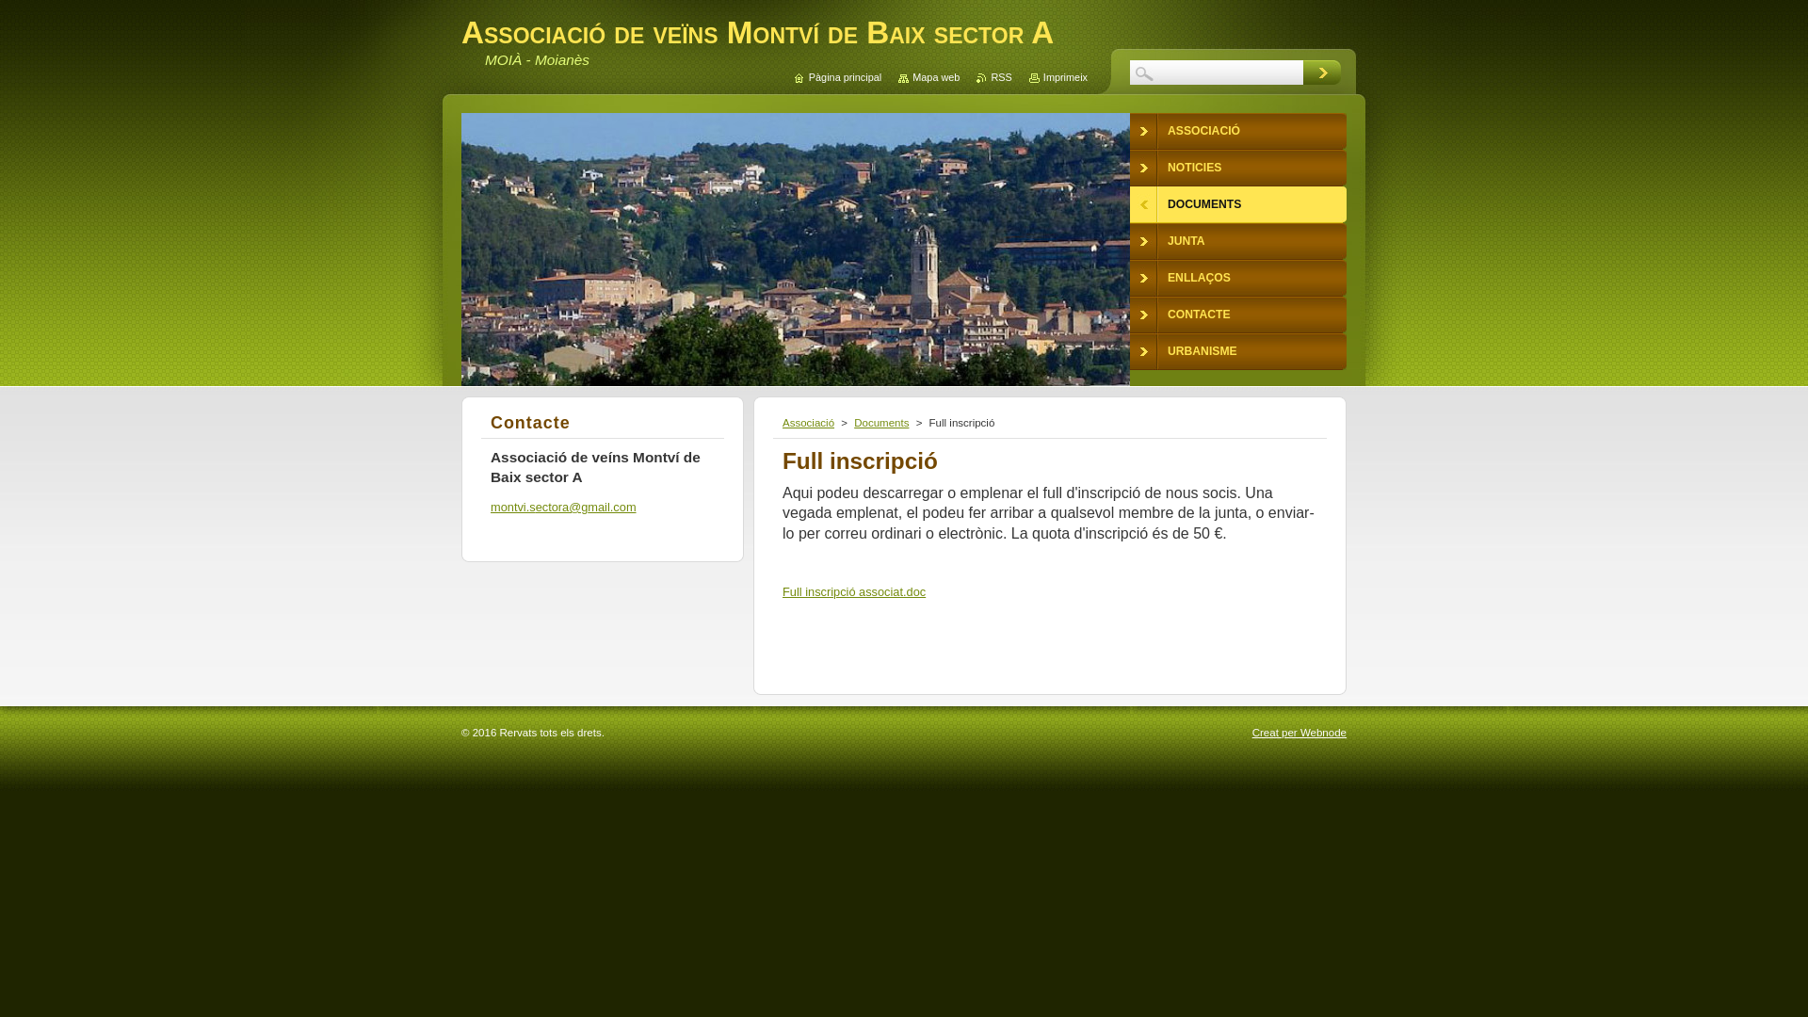 This screenshot has height=1017, width=1808. Describe the element at coordinates (993, 75) in the screenshot. I see `'RSS'` at that location.